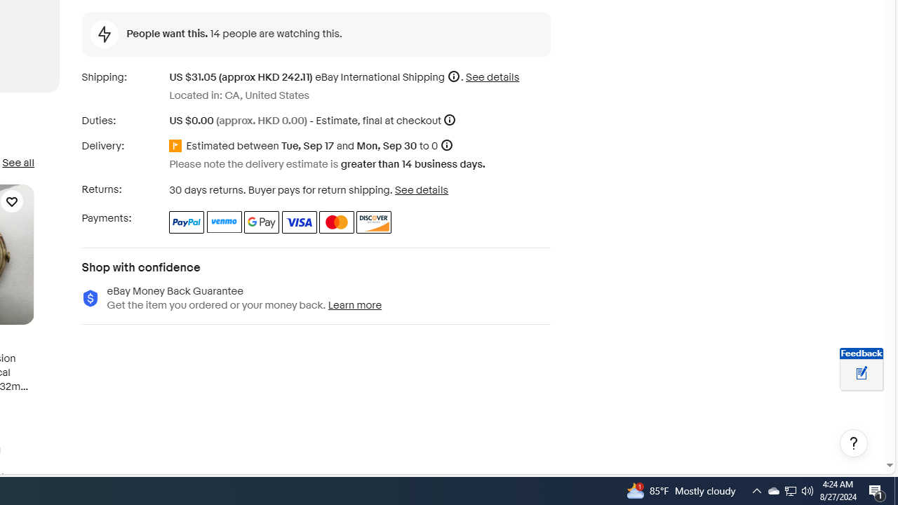 This screenshot has width=898, height=505. Describe the element at coordinates (18, 162) in the screenshot. I see `'See all'` at that location.